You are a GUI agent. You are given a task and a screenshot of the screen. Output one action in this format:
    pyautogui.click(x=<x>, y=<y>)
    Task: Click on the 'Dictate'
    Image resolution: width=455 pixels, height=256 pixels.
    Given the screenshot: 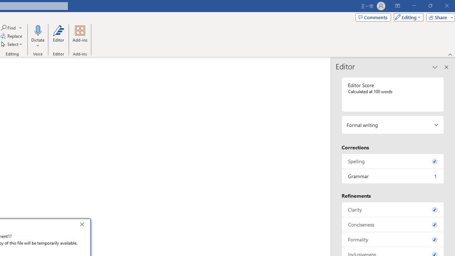 What is the action you would take?
    pyautogui.click(x=37, y=30)
    